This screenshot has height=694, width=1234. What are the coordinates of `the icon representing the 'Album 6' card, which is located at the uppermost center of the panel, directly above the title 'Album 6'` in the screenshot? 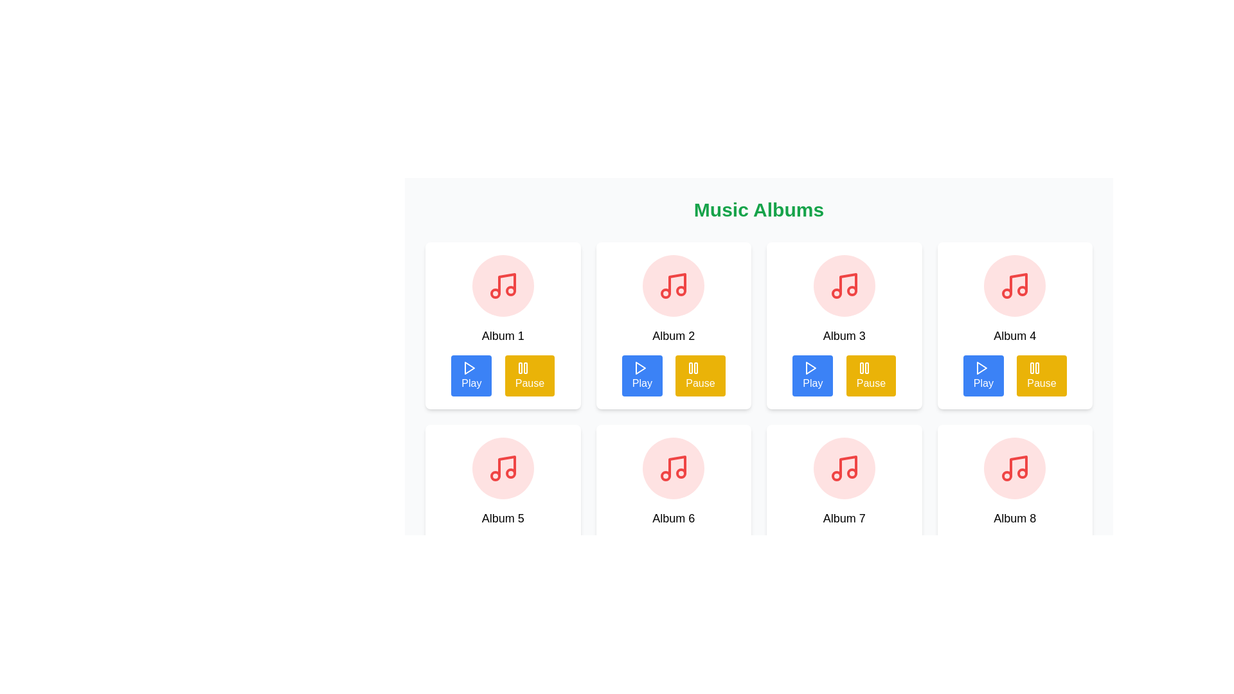 It's located at (673, 468).